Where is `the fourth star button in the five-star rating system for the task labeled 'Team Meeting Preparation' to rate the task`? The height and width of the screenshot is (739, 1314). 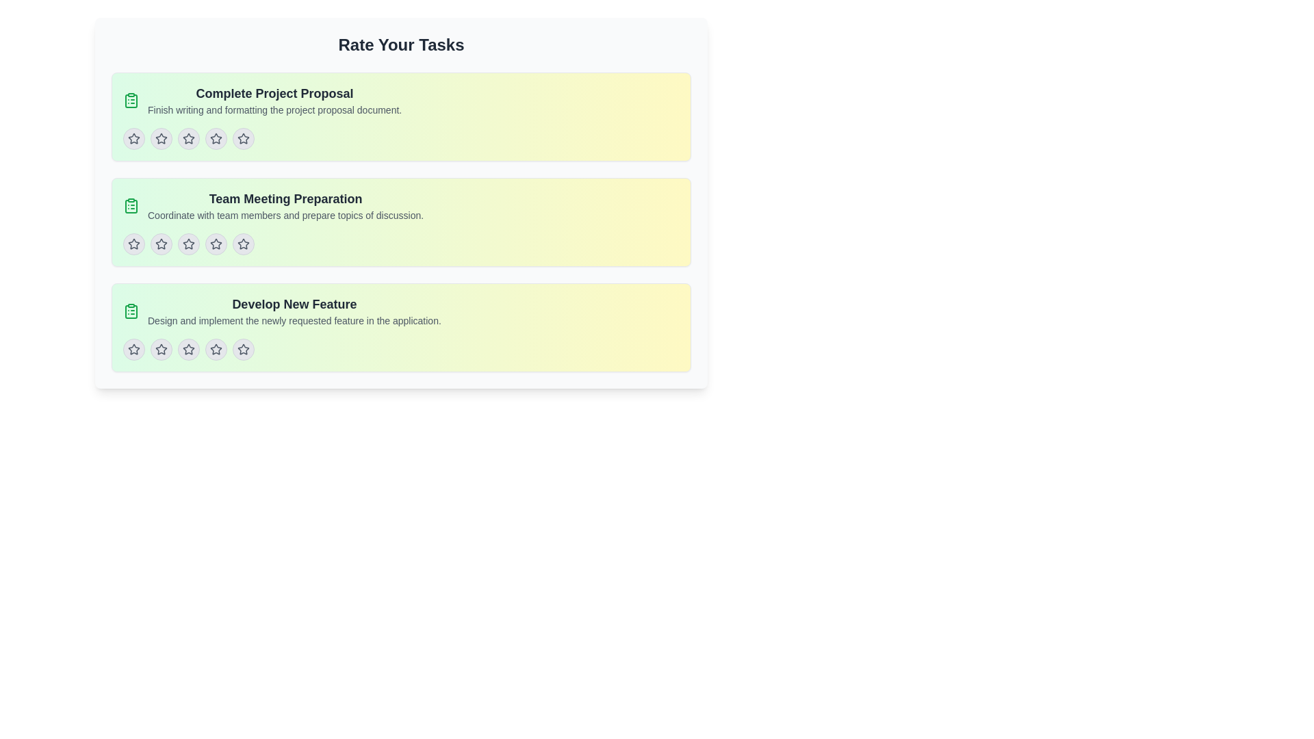 the fourth star button in the five-star rating system for the task labeled 'Team Meeting Preparation' to rate the task is located at coordinates (216, 244).